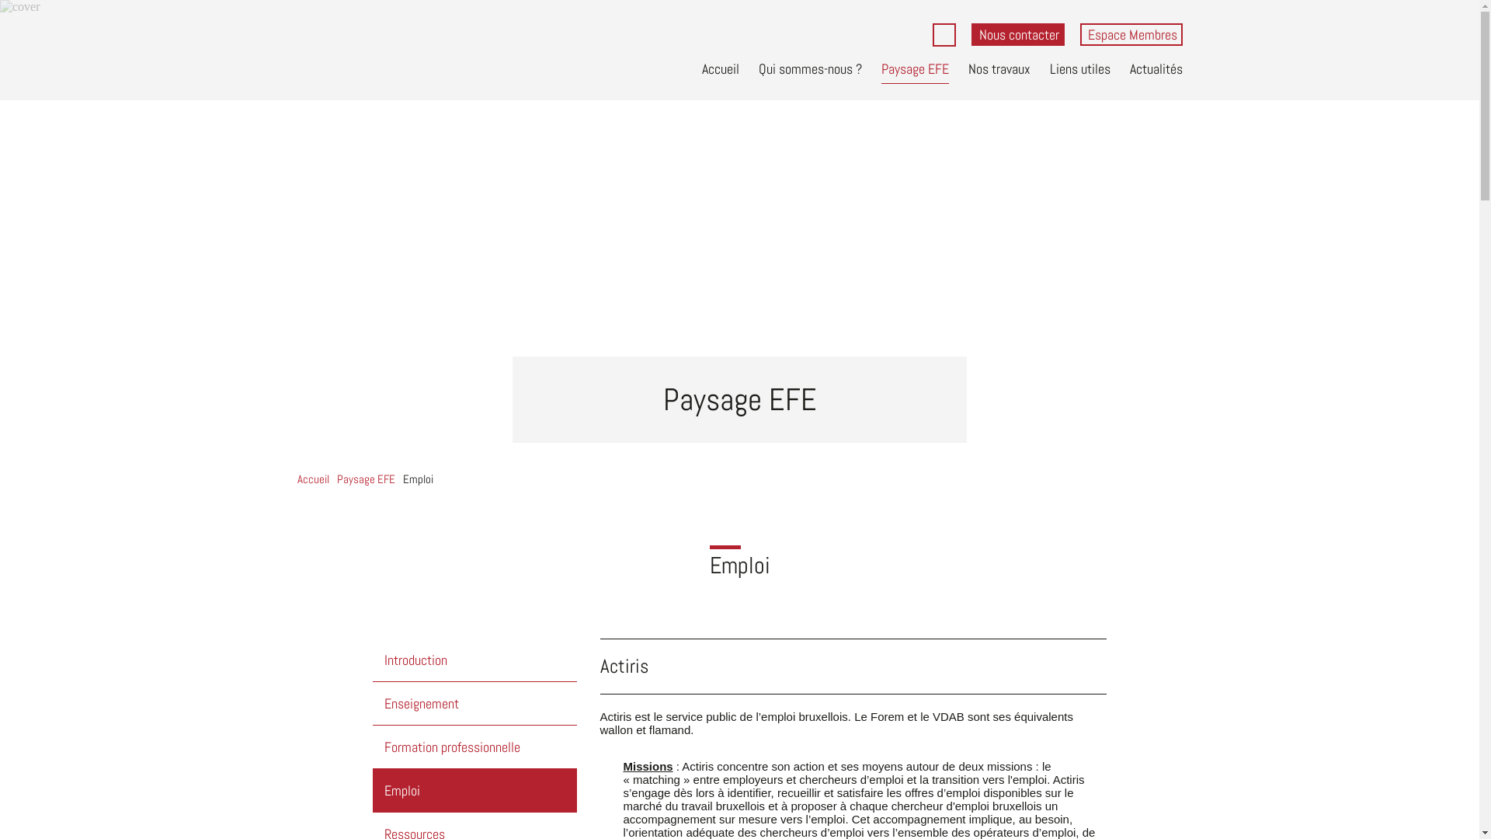 Image resolution: width=1491 pixels, height=839 pixels. What do you see at coordinates (474, 704) in the screenshot?
I see `'Enseignement'` at bounding box center [474, 704].